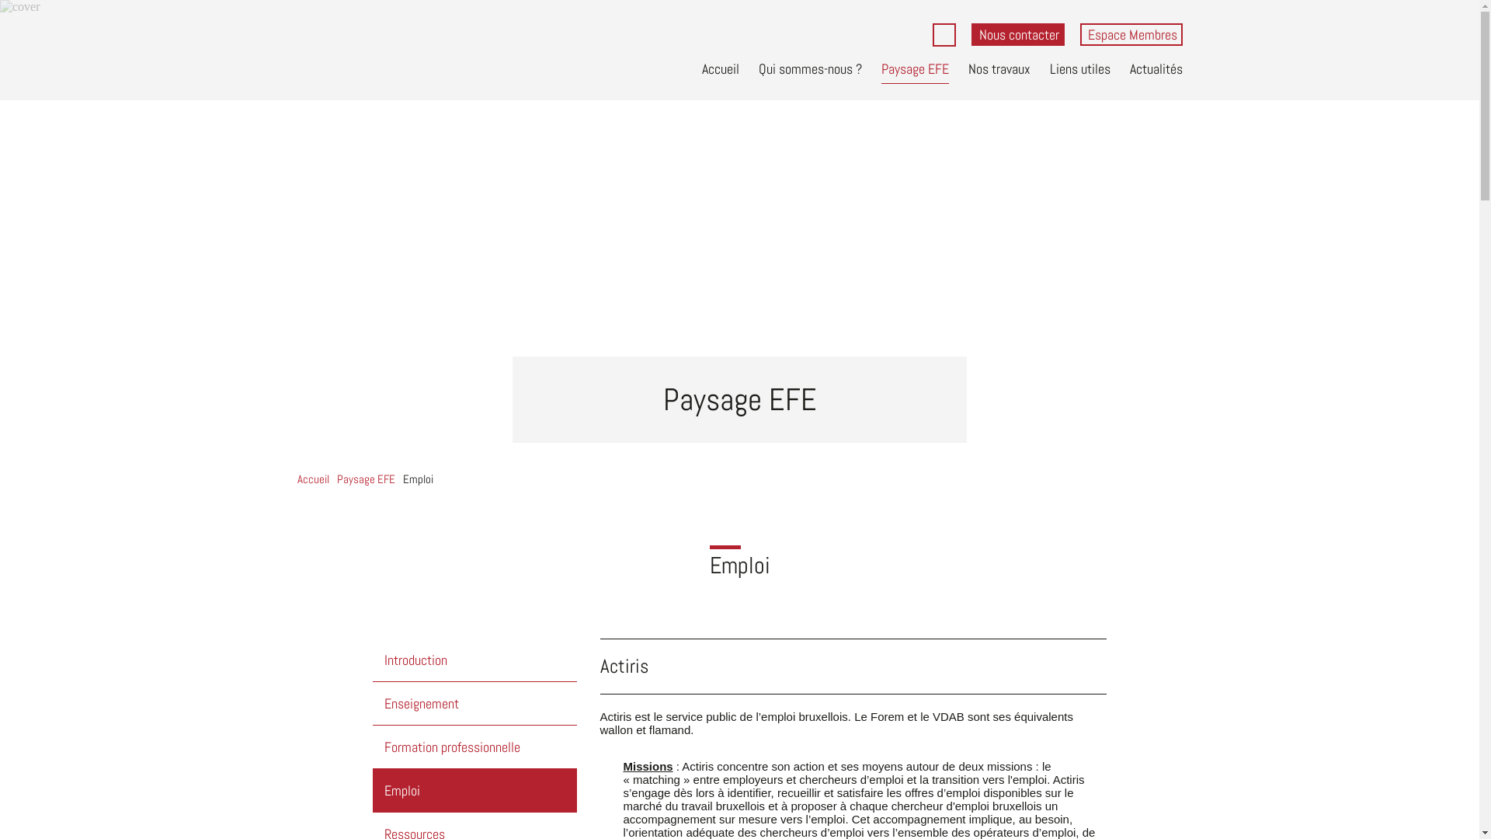 Image resolution: width=1491 pixels, height=839 pixels. What do you see at coordinates (474, 704) in the screenshot?
I see `'Enseignement'` at bounding box center [474, 704].